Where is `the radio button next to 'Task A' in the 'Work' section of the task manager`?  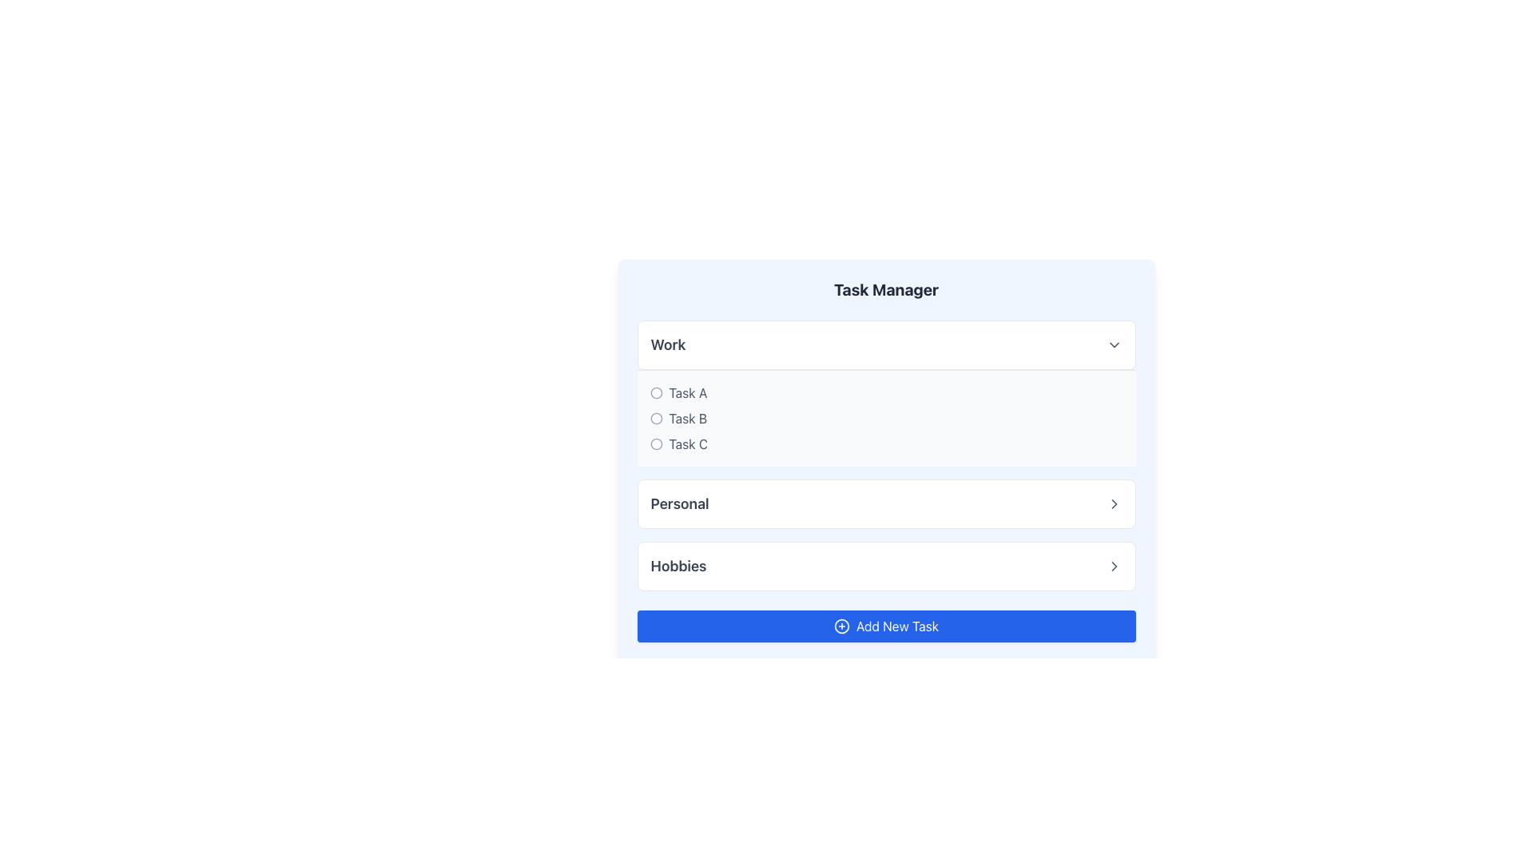 the radio button next to 'Task A' in the 'Work' section of the task manager is located at coordinates (885, 393).